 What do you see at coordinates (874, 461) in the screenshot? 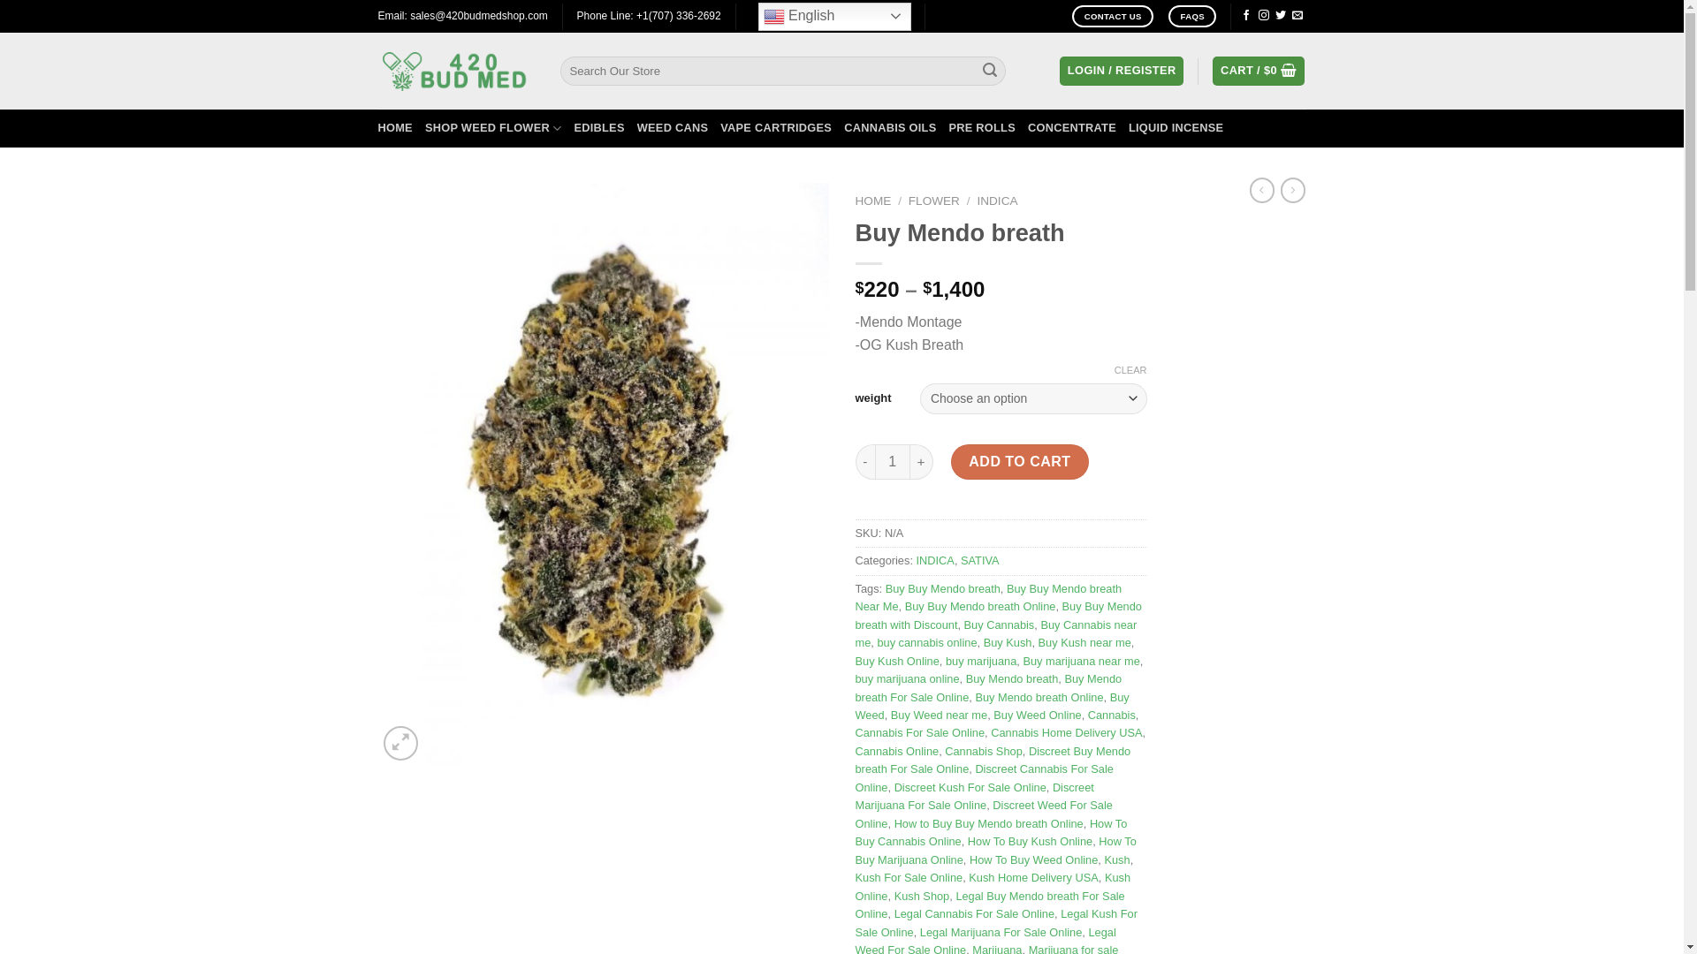
I see `'Qty'` at bounding box center [874, 461].